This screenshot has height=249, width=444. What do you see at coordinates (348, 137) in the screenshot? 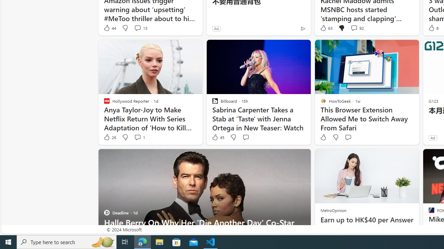
I see `'Start the conversation'` at bounding box center [348, 137].